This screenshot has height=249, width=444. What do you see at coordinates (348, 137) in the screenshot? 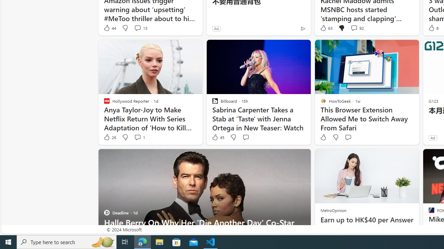
I see `'Start the conversation'` at bounding box center [348, 137].